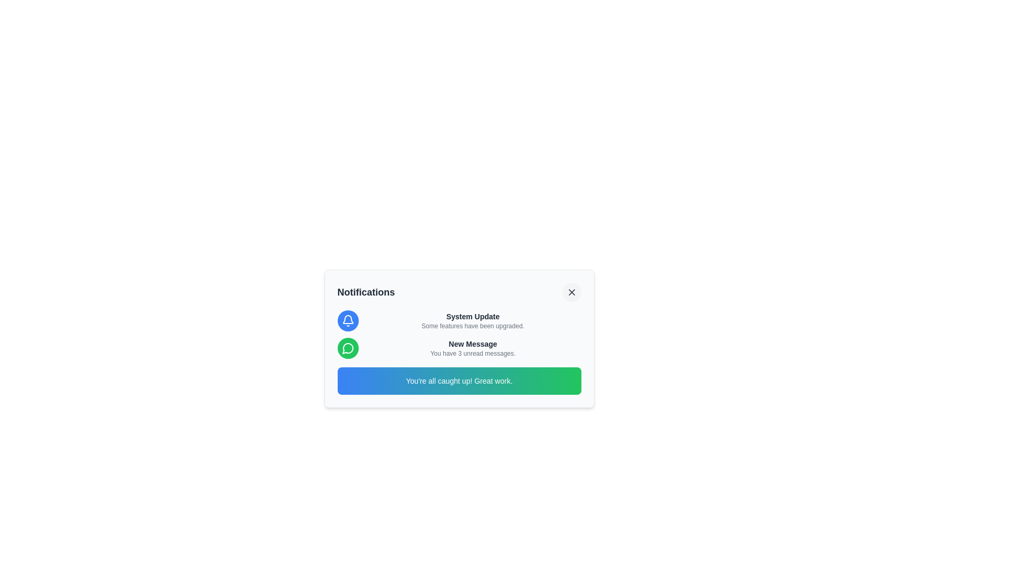 This screenshot has height=570, width=1013. Describe the element at coordinates (571, 292) in the screenshot. I see `the X-shaped close button with a black icon on a light gray circular background` at that location.